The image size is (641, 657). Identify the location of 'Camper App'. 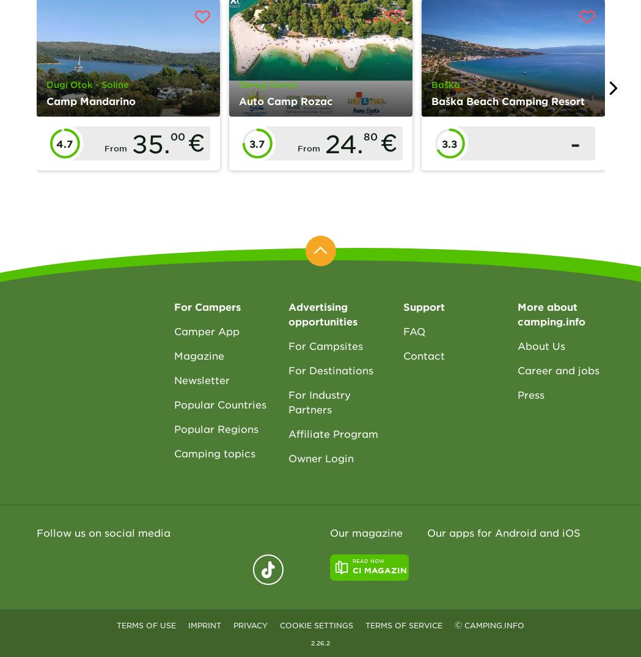
(205, 330).